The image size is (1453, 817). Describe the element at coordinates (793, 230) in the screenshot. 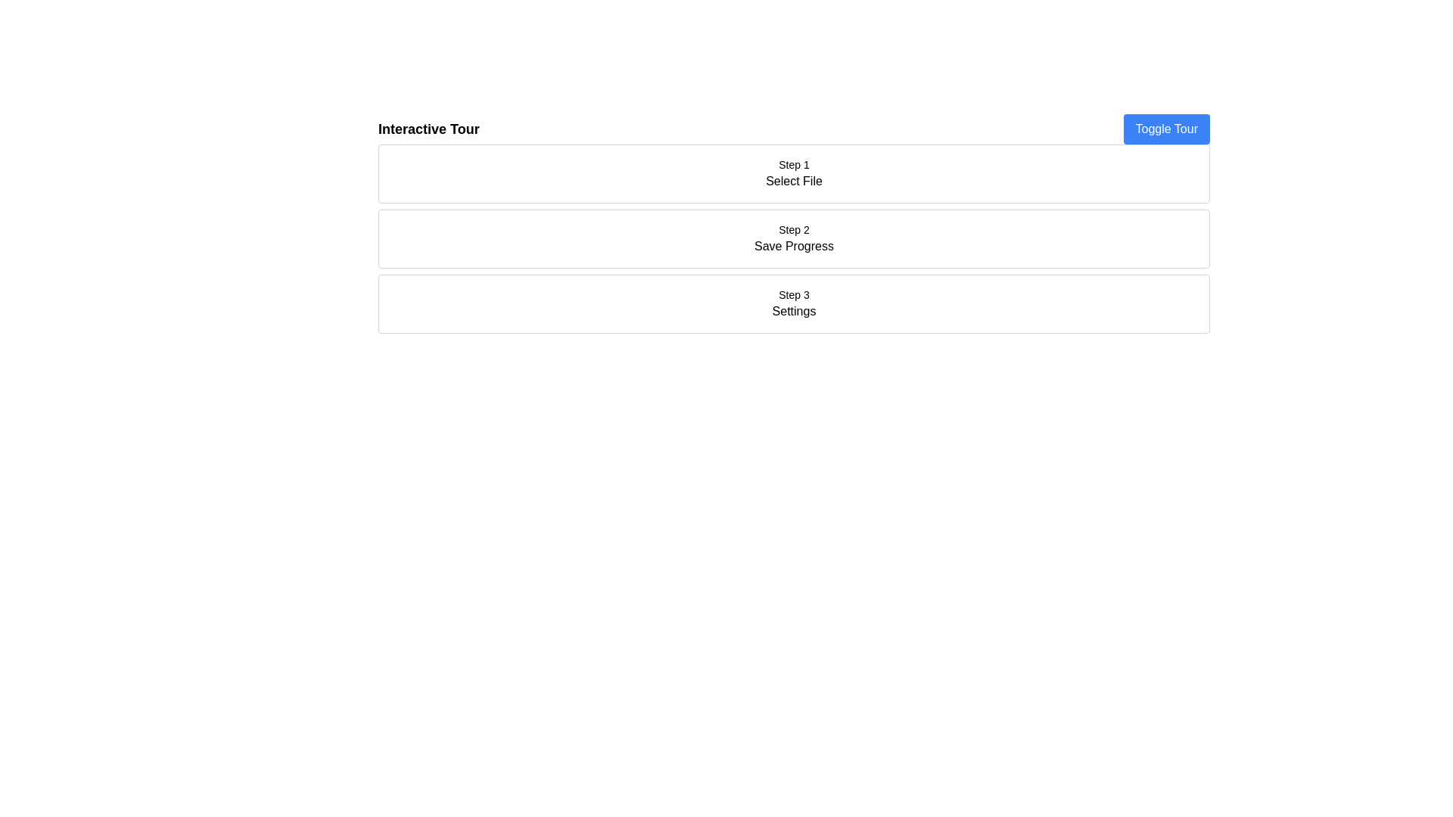

I see `the text label displaying 'Step 2' in the second section of a sequential step layout` at that location.